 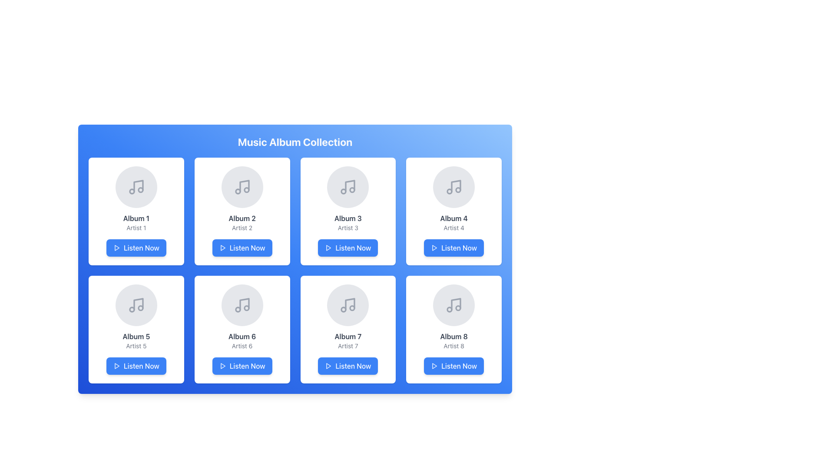 I want to click on the title label for the eighth album in the music album grid located in the bottom-right corner of the grid, so click(x=453, y=336).